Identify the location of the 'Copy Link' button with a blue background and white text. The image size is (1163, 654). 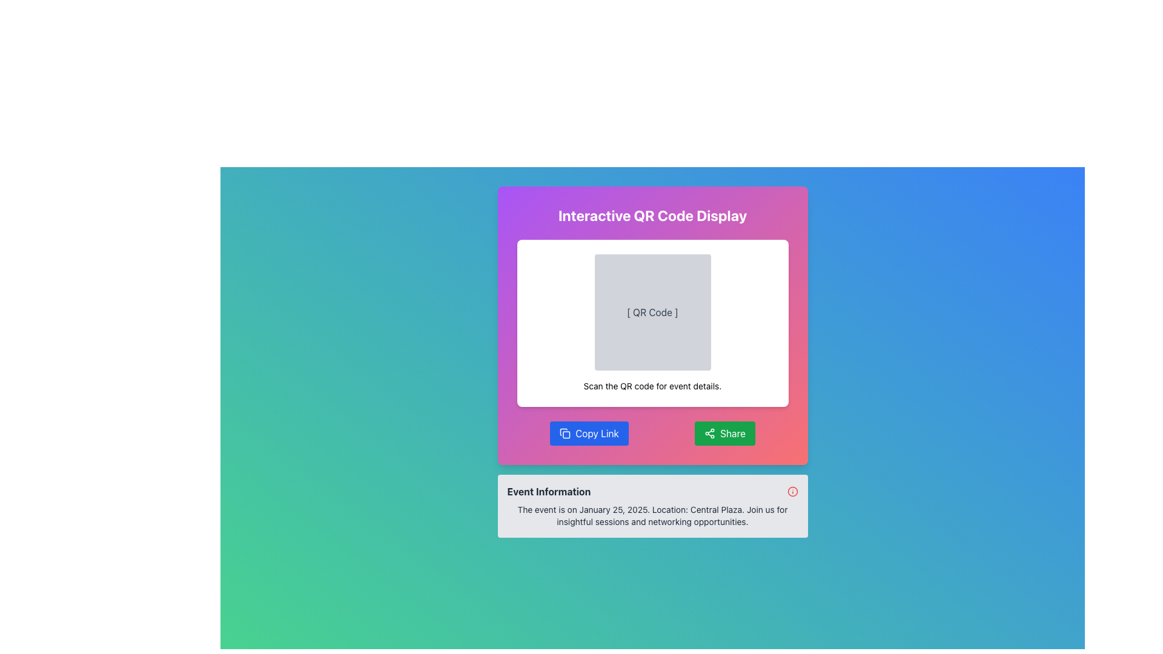
(589, 433).